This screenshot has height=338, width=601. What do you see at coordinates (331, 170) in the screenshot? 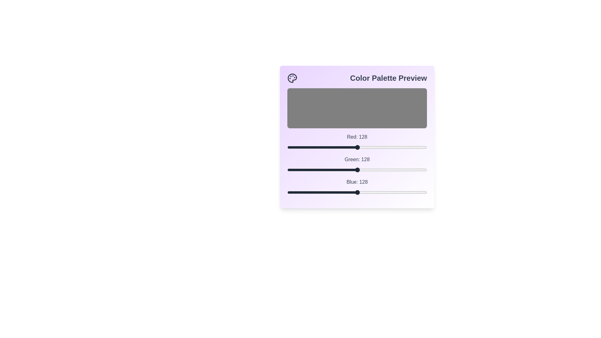
I see `the green intensity` at bounding box center [331, 170].